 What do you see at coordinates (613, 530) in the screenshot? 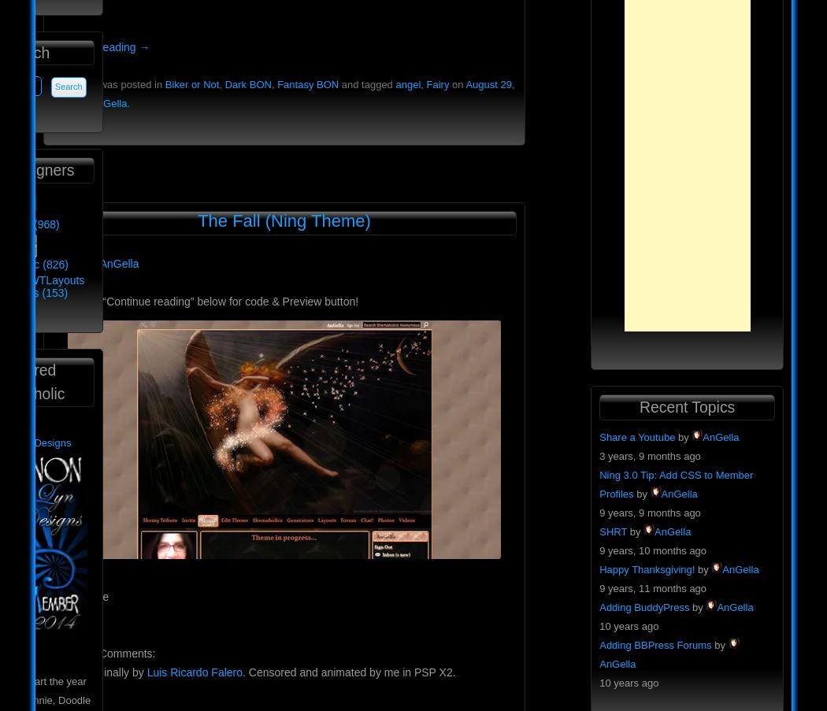
I see `'SHRT'` at bounding box center [613, 530].